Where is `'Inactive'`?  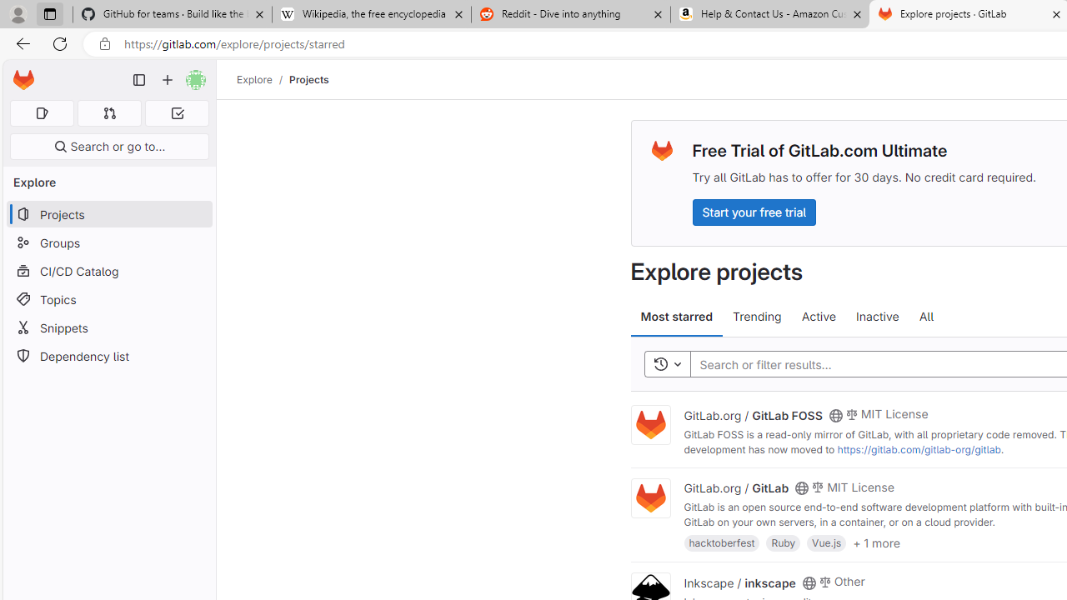
'Inactive' is located at coordinates (876, 317).